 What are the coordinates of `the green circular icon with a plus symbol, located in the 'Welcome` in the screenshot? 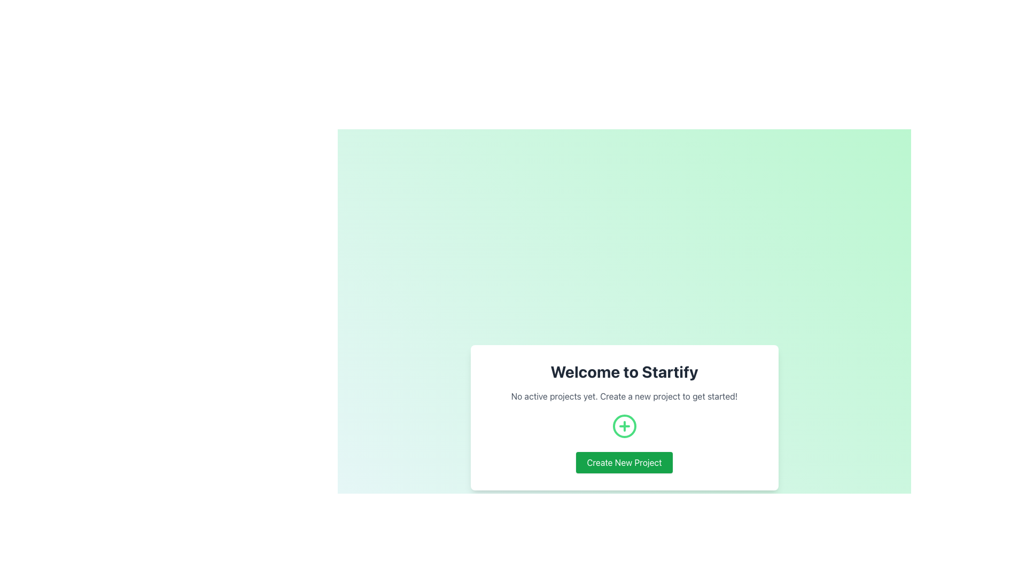 It's located at (624, 426).